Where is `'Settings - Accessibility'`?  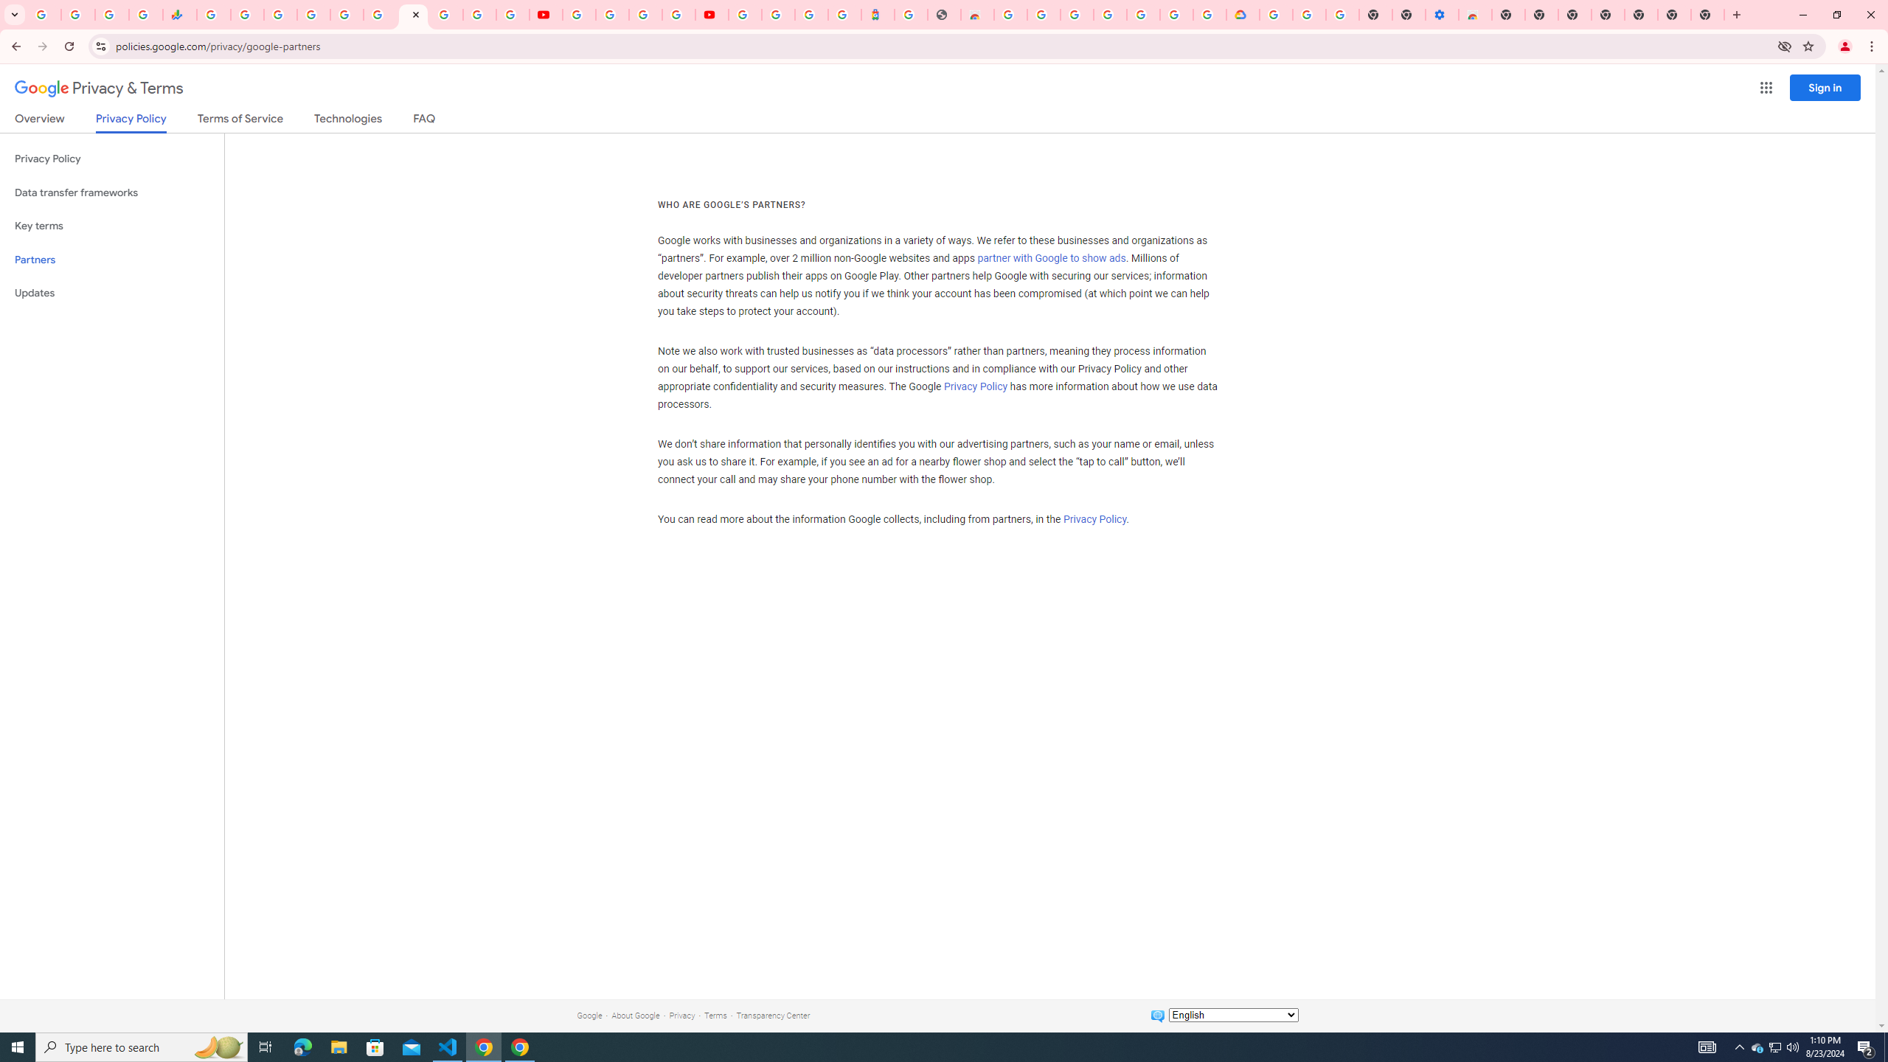
'Settings - Accessibility' is located at coordinates (1441, 14).